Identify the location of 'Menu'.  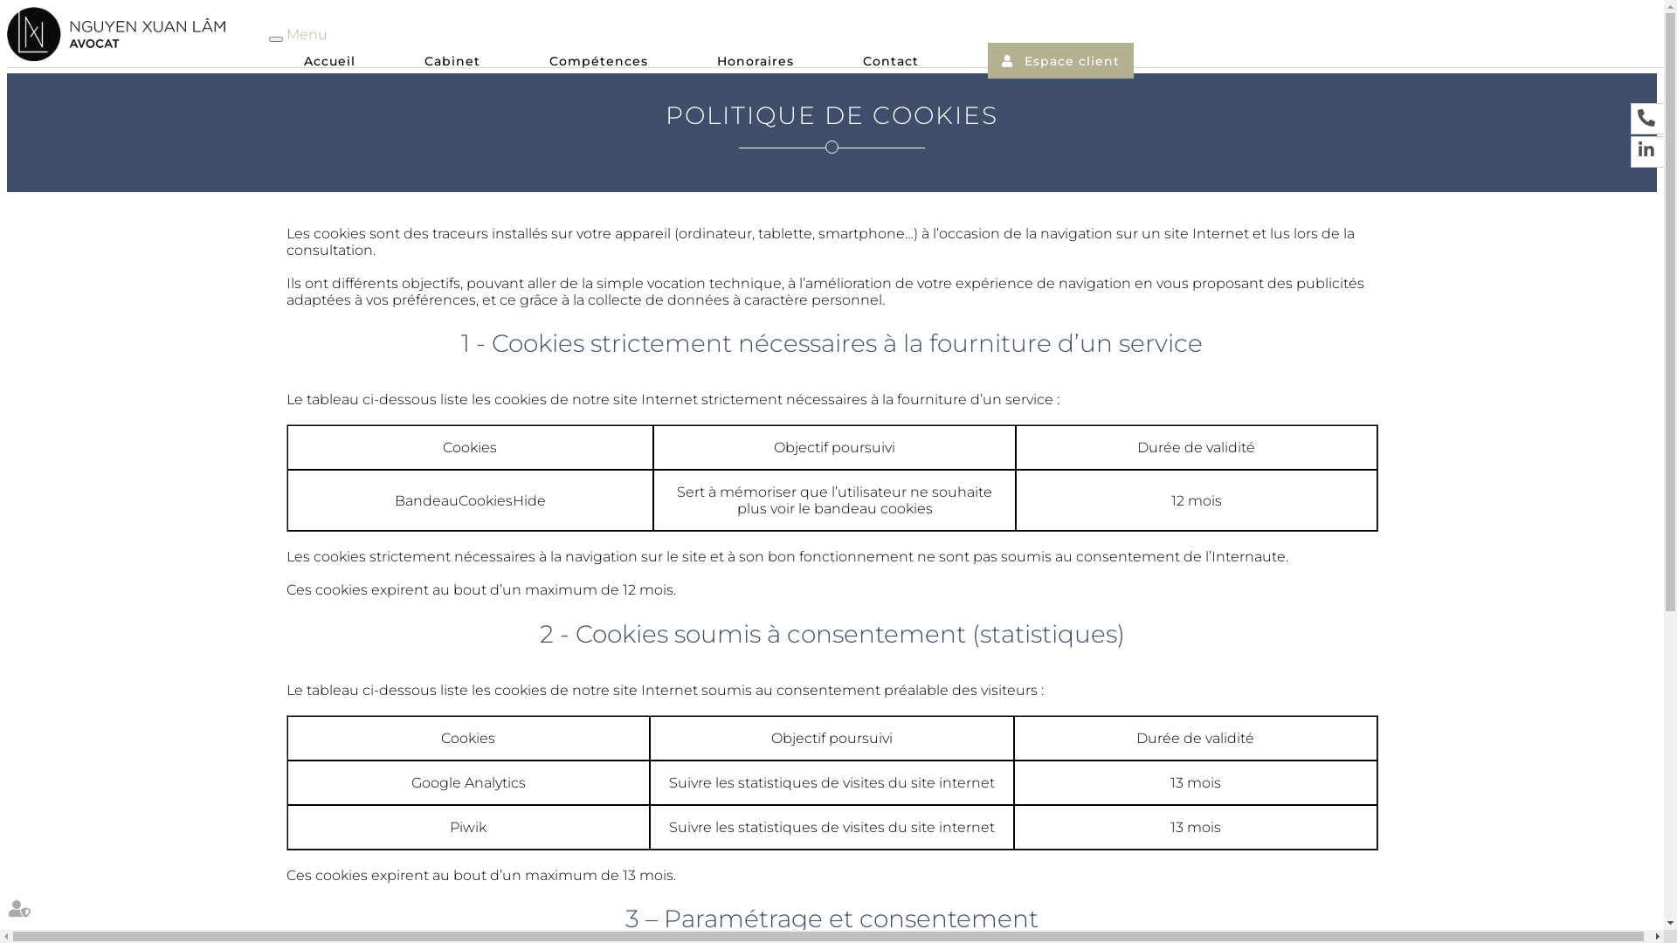
(307, 34).